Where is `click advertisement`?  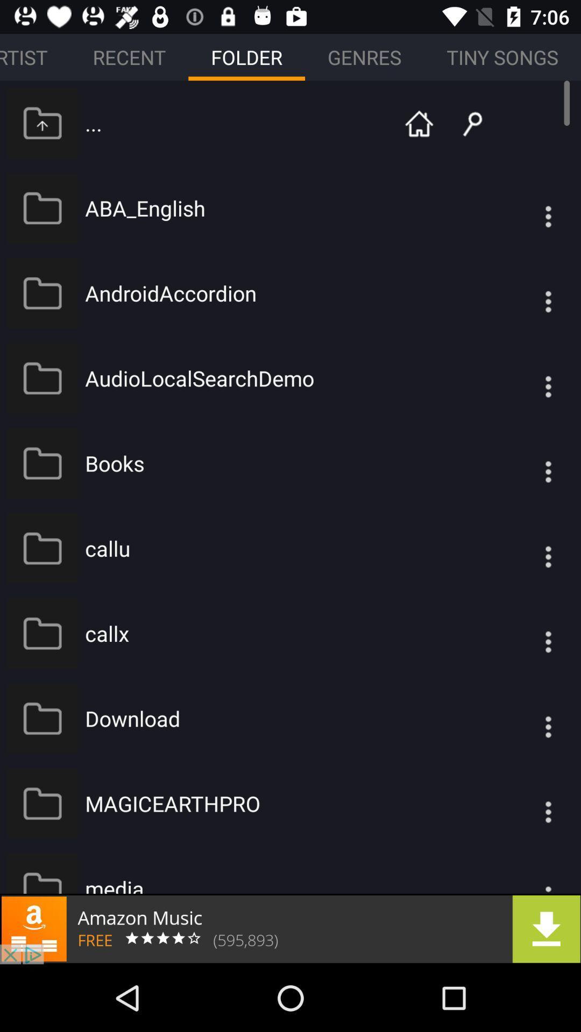
click advertisement is located at coordinates (290, 928).